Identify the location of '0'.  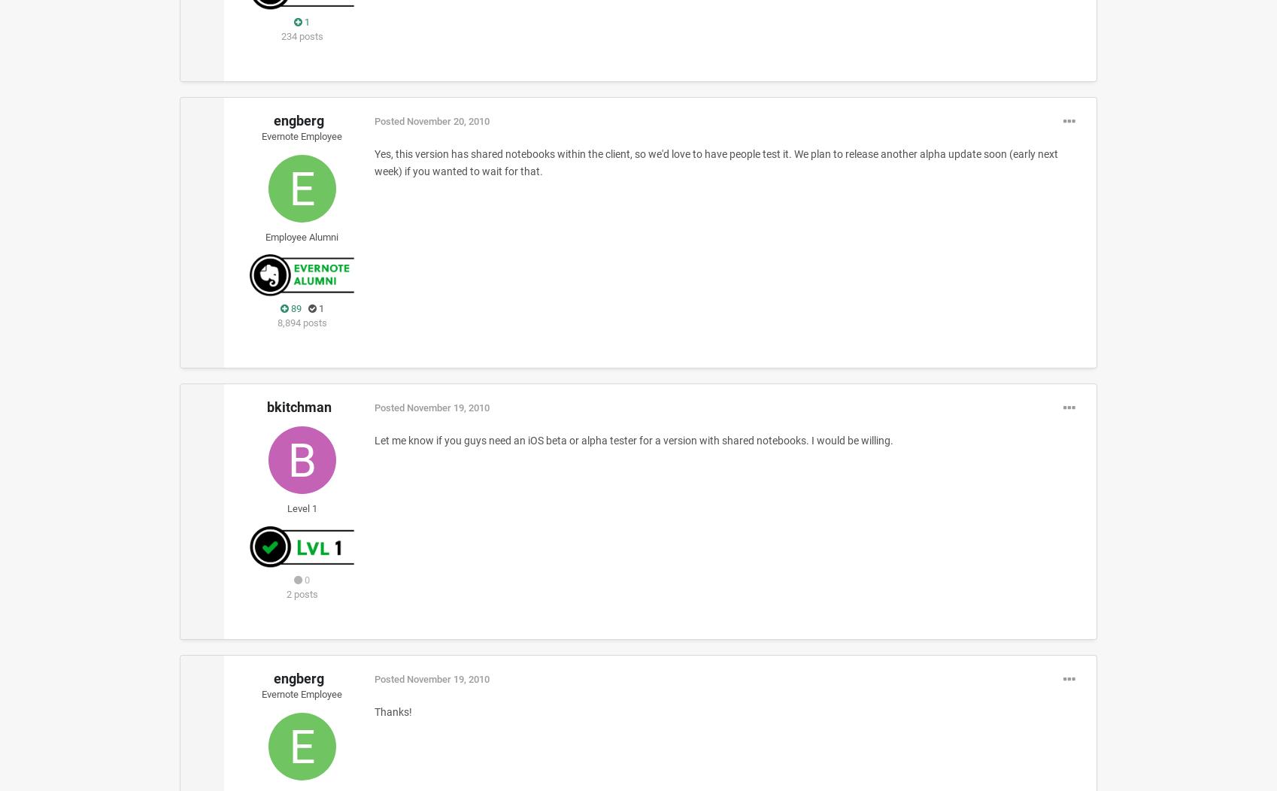
(302, 578).